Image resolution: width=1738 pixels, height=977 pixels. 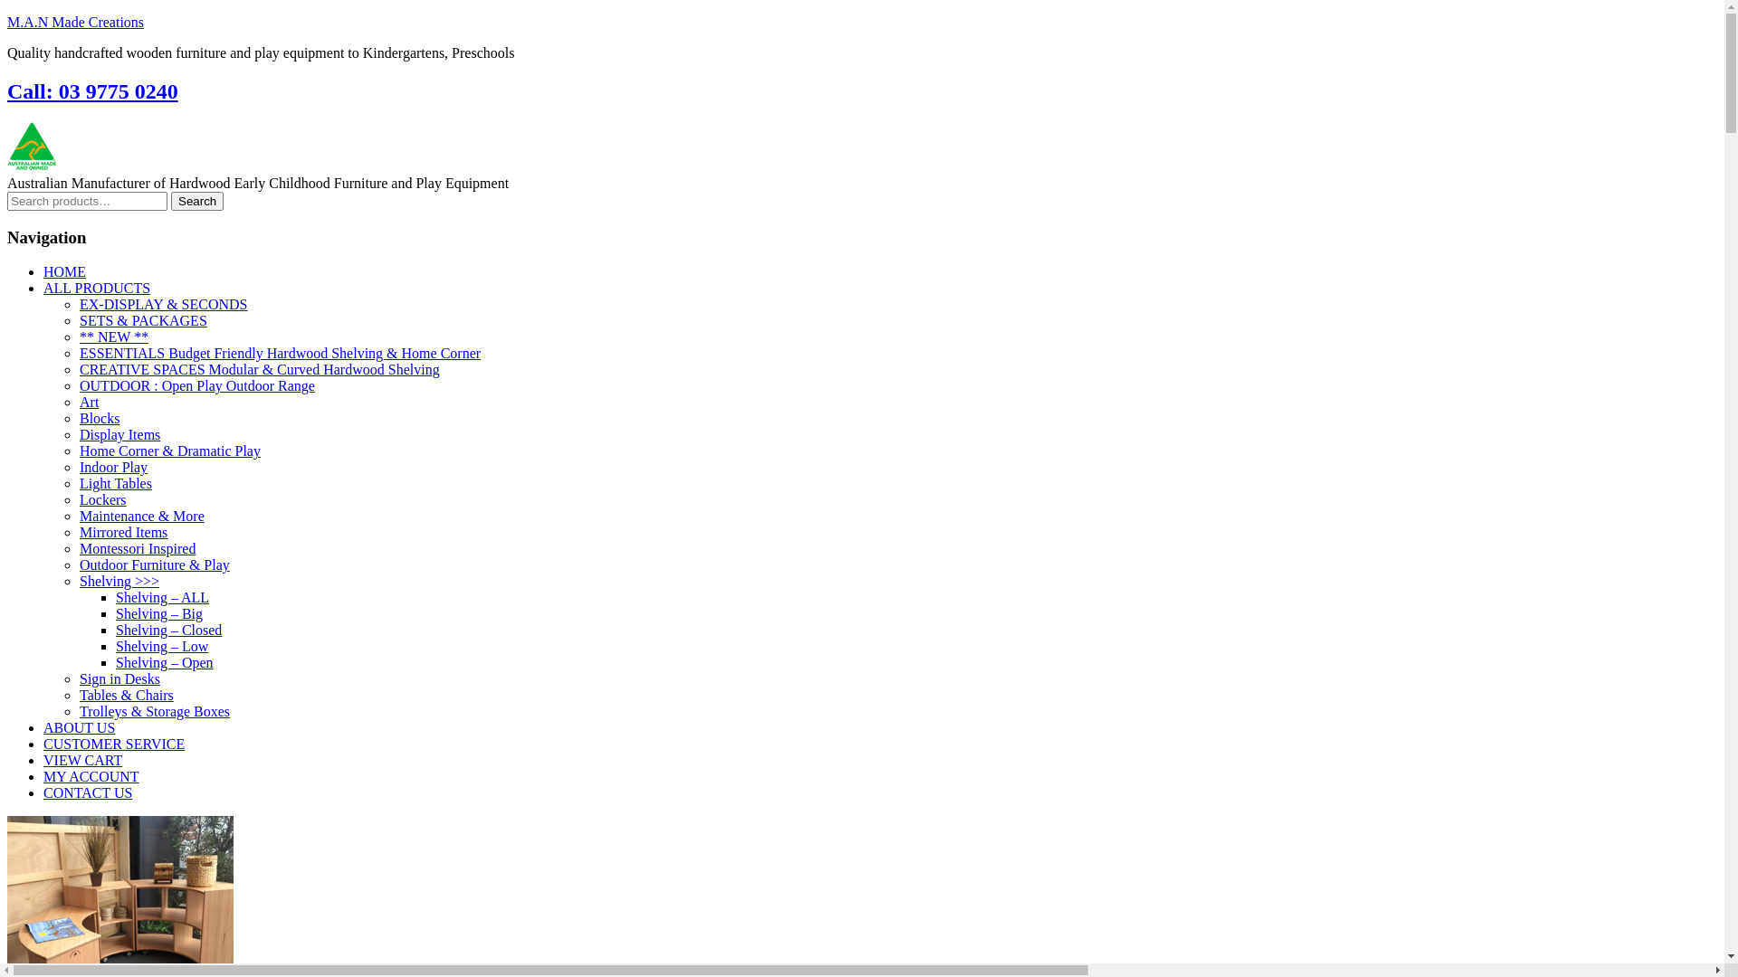 I want to click on 'Montessori Inspired', so click(x=78, y=547).